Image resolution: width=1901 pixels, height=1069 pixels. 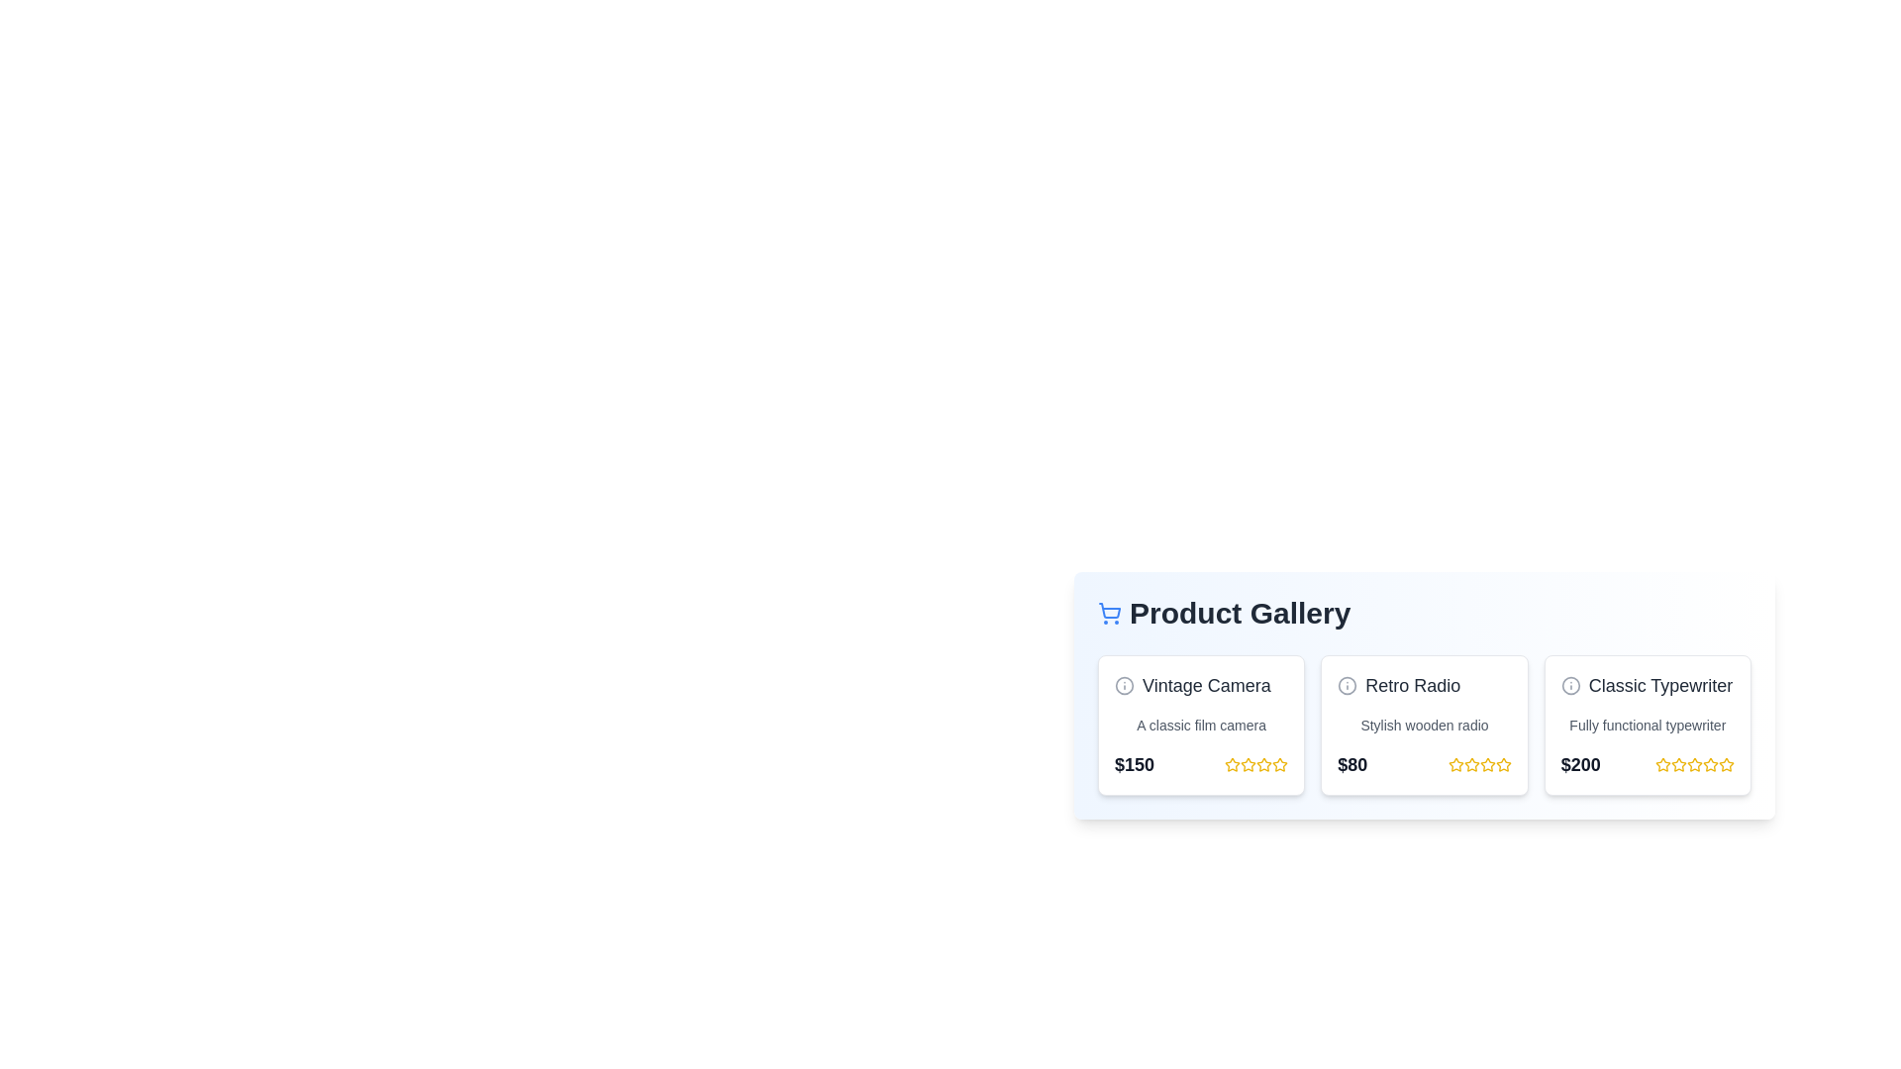 I want to click on the icon within the product card for Classic Typewriter, so click(x=1568, y=685).